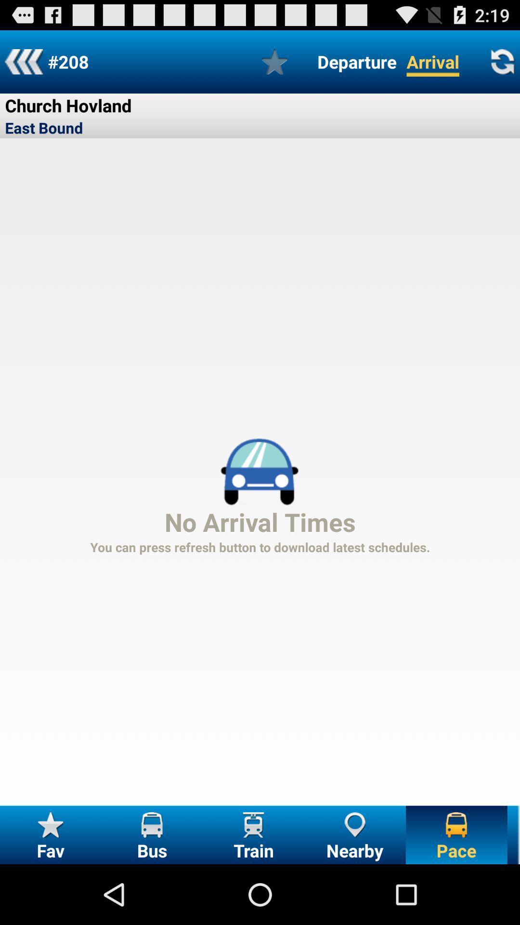 The image size is (520, 925). I want to click on return to previous screen, so click(23, 61).